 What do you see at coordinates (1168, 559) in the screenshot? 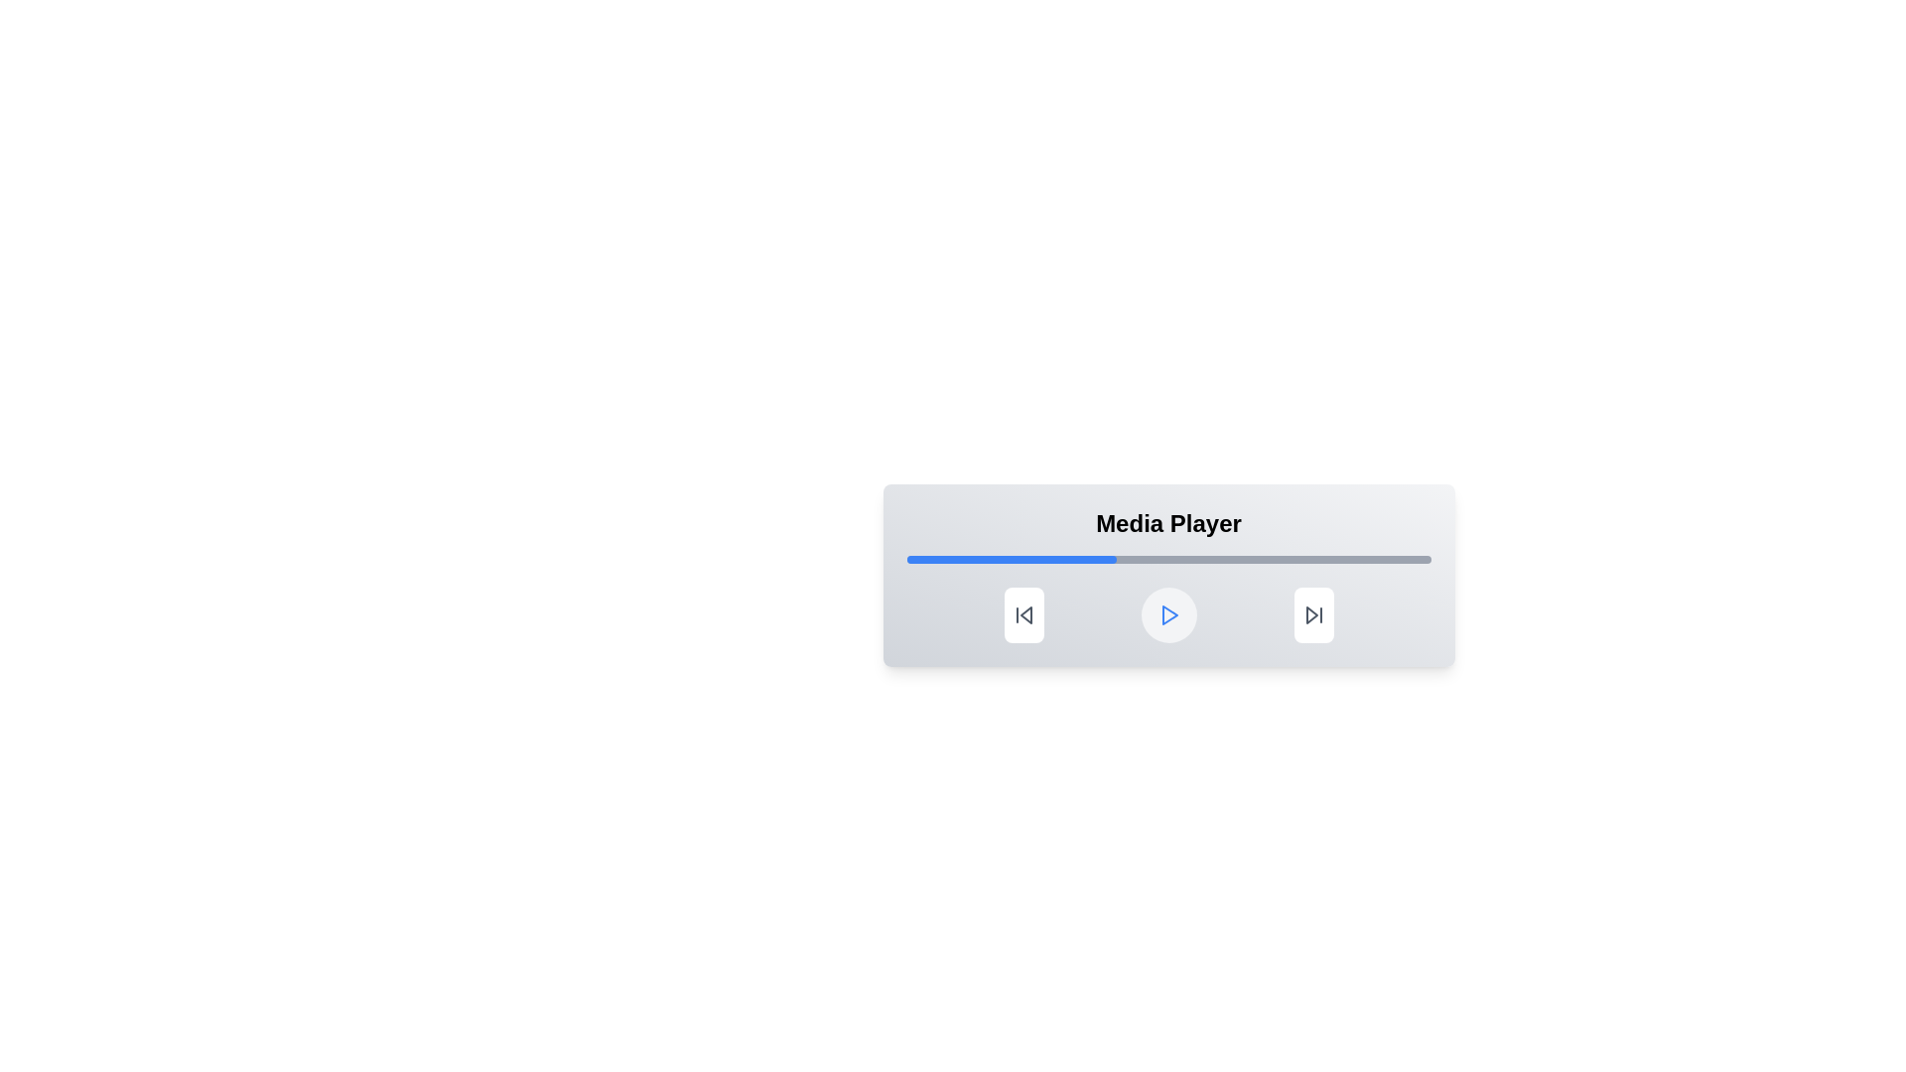
I see `the progress bar located horizontally above the playback buttons to seek a specific point in the media file` at bounding box center [1168, 559].